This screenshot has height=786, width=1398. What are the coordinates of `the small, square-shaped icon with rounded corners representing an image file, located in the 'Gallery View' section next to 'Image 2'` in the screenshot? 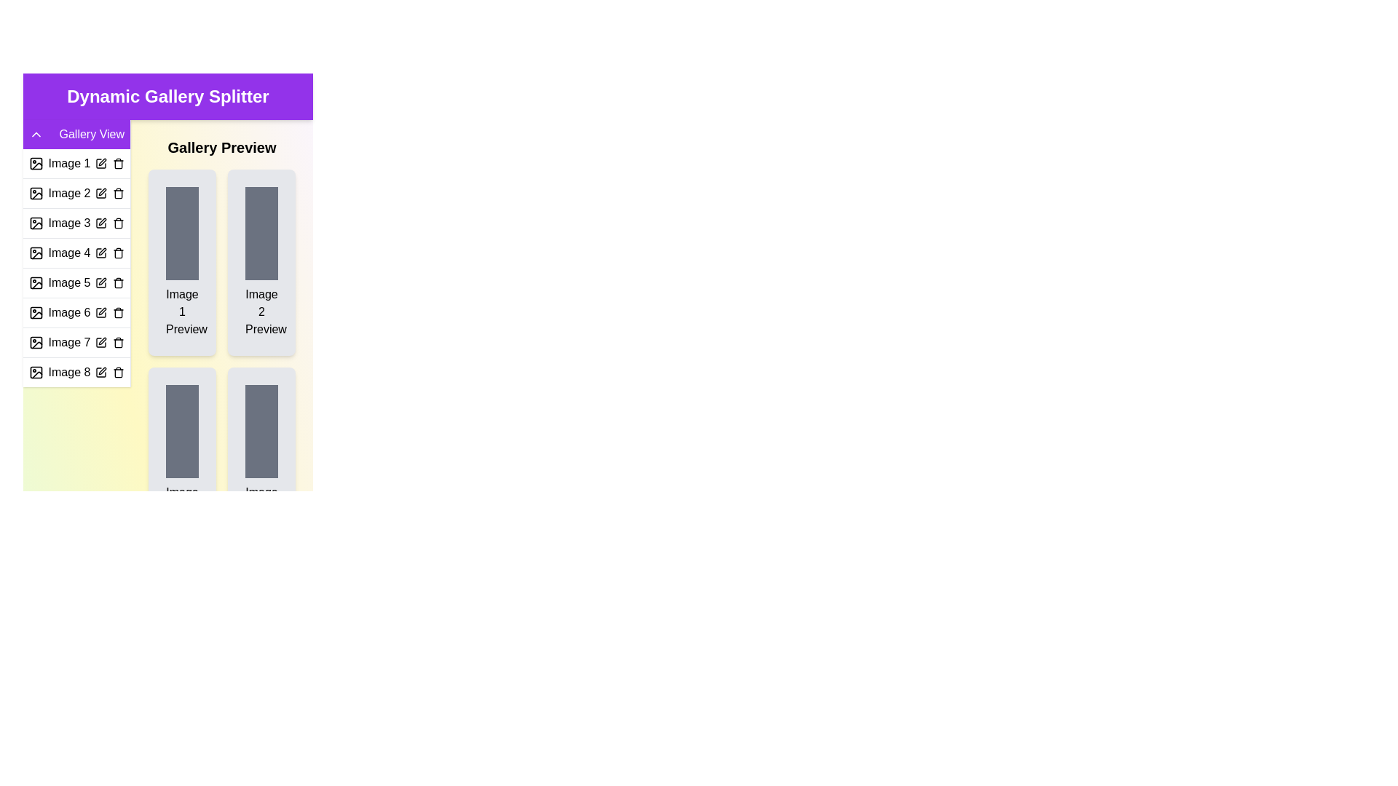 It's located at (36, 193).